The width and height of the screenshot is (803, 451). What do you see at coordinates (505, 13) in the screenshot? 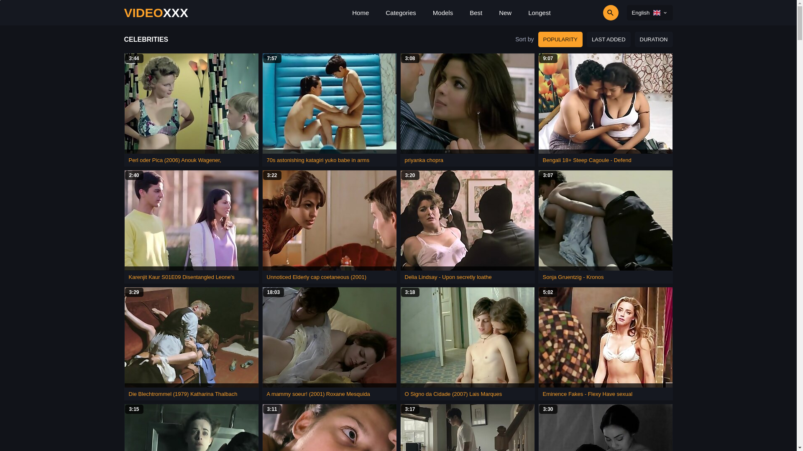
I see `'New'` at bounding box center [505, 13].